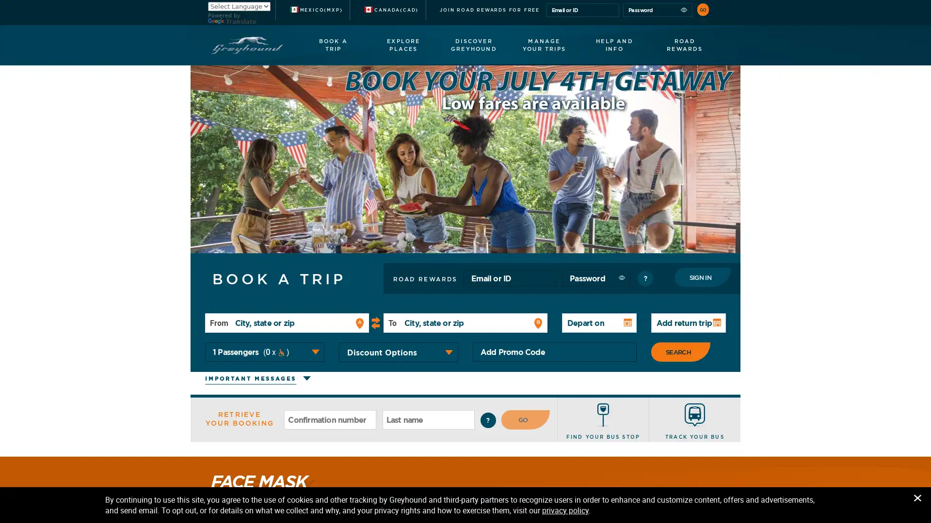 This screenshot has height=523, width=931. Describe the element at coordinates (680, 352) in the screenshot. I see `SEARCH` at that location.